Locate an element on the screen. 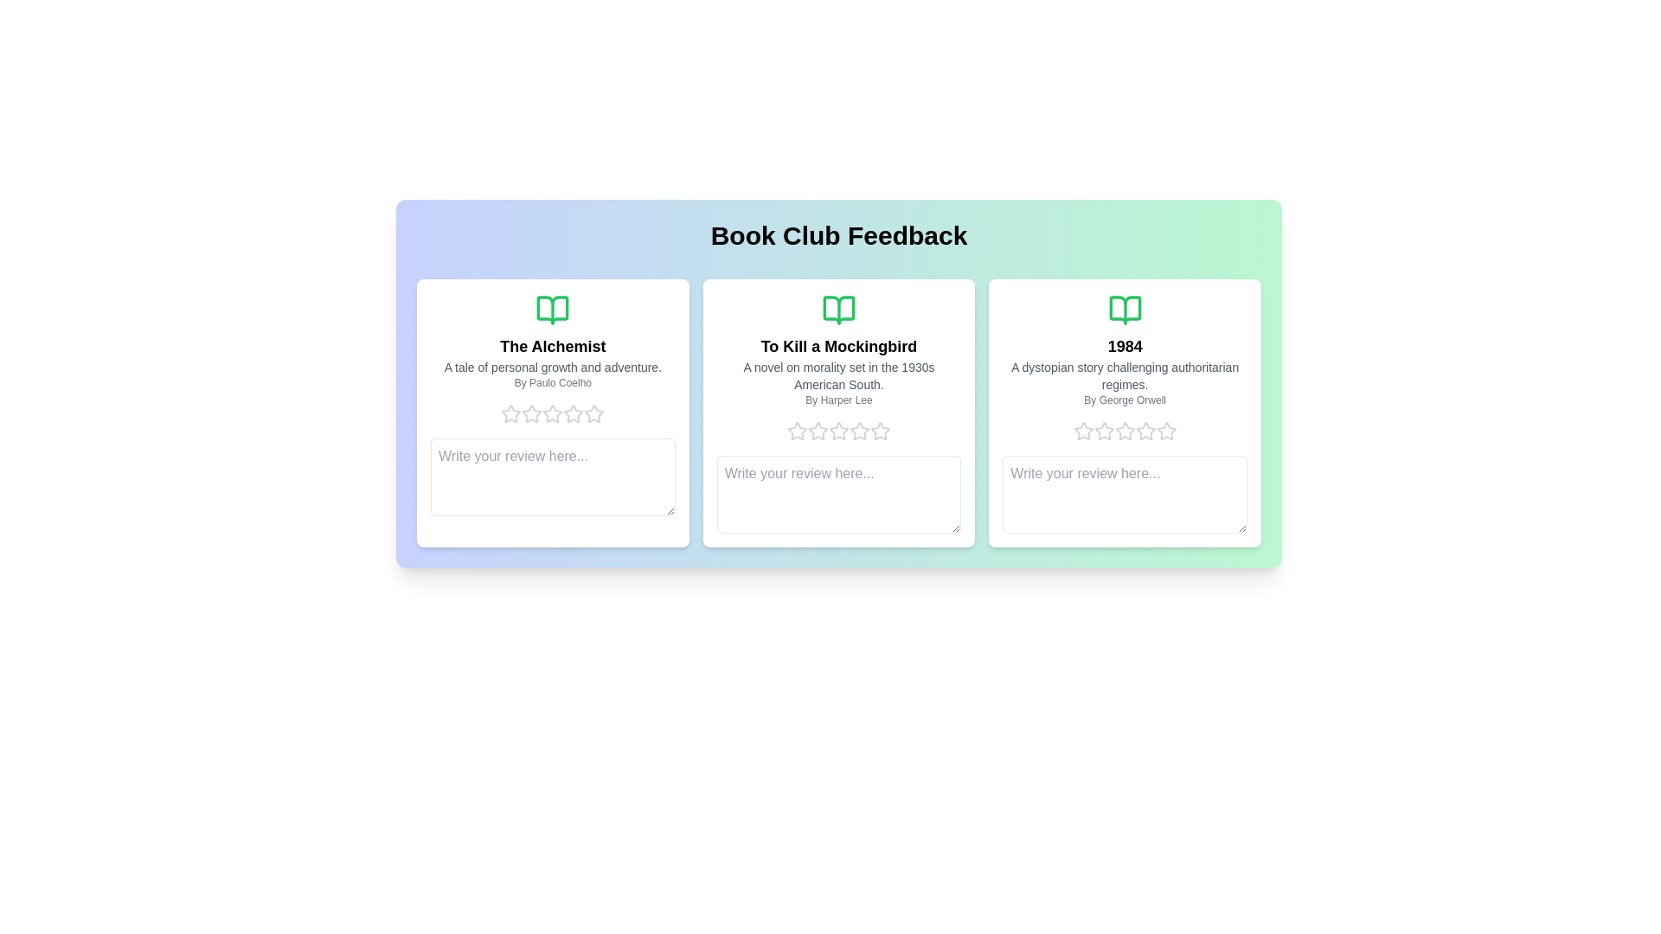 This screenshot has height=934, width=1661. the fourth star in the rating system for the book 'The Alchemist' is located at coordinates (552, 413).